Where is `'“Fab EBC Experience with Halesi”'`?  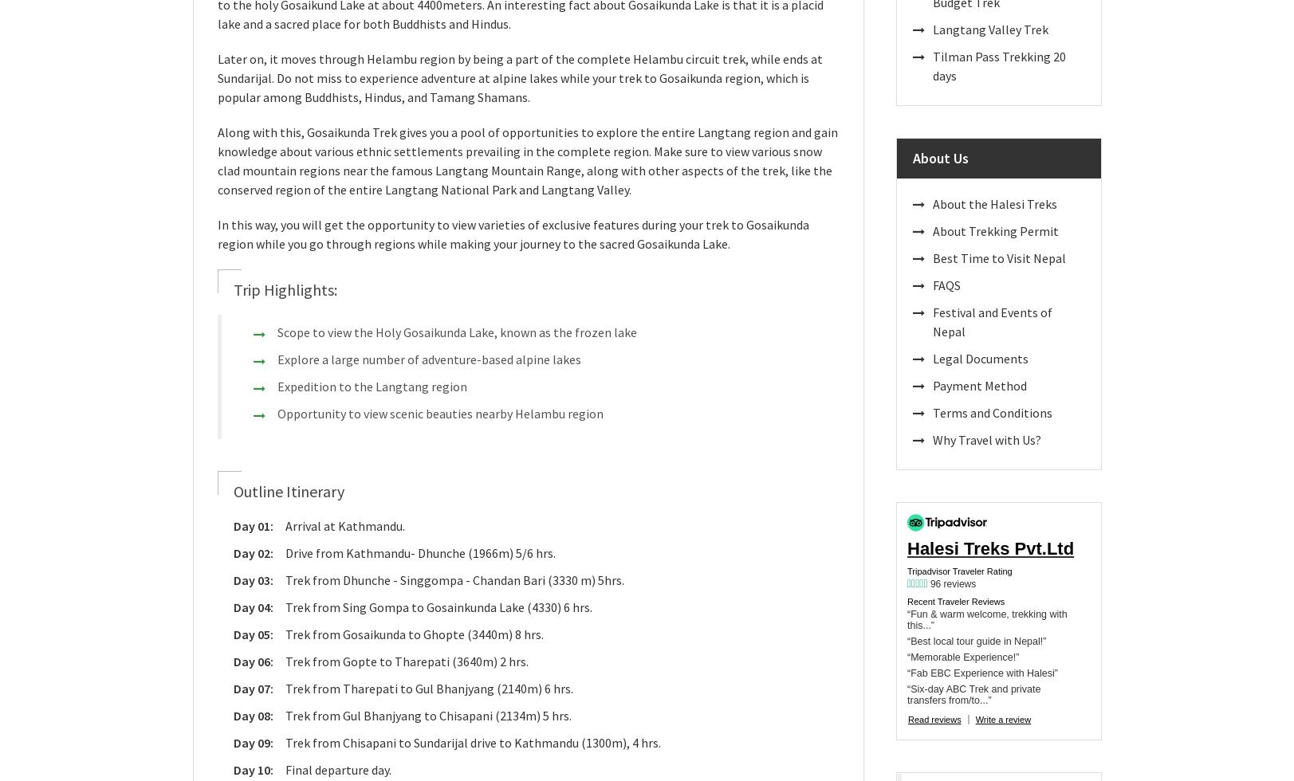 '“Fab EBC Experience with Halesi”' is located at coordinates (981, 673).